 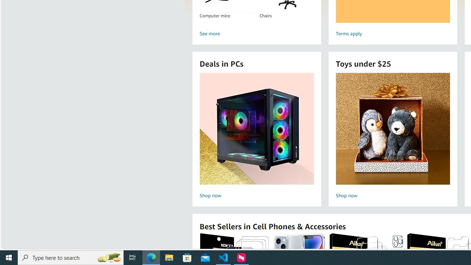 I want to click on 'Toys under $25', so click(x=392, y=128).